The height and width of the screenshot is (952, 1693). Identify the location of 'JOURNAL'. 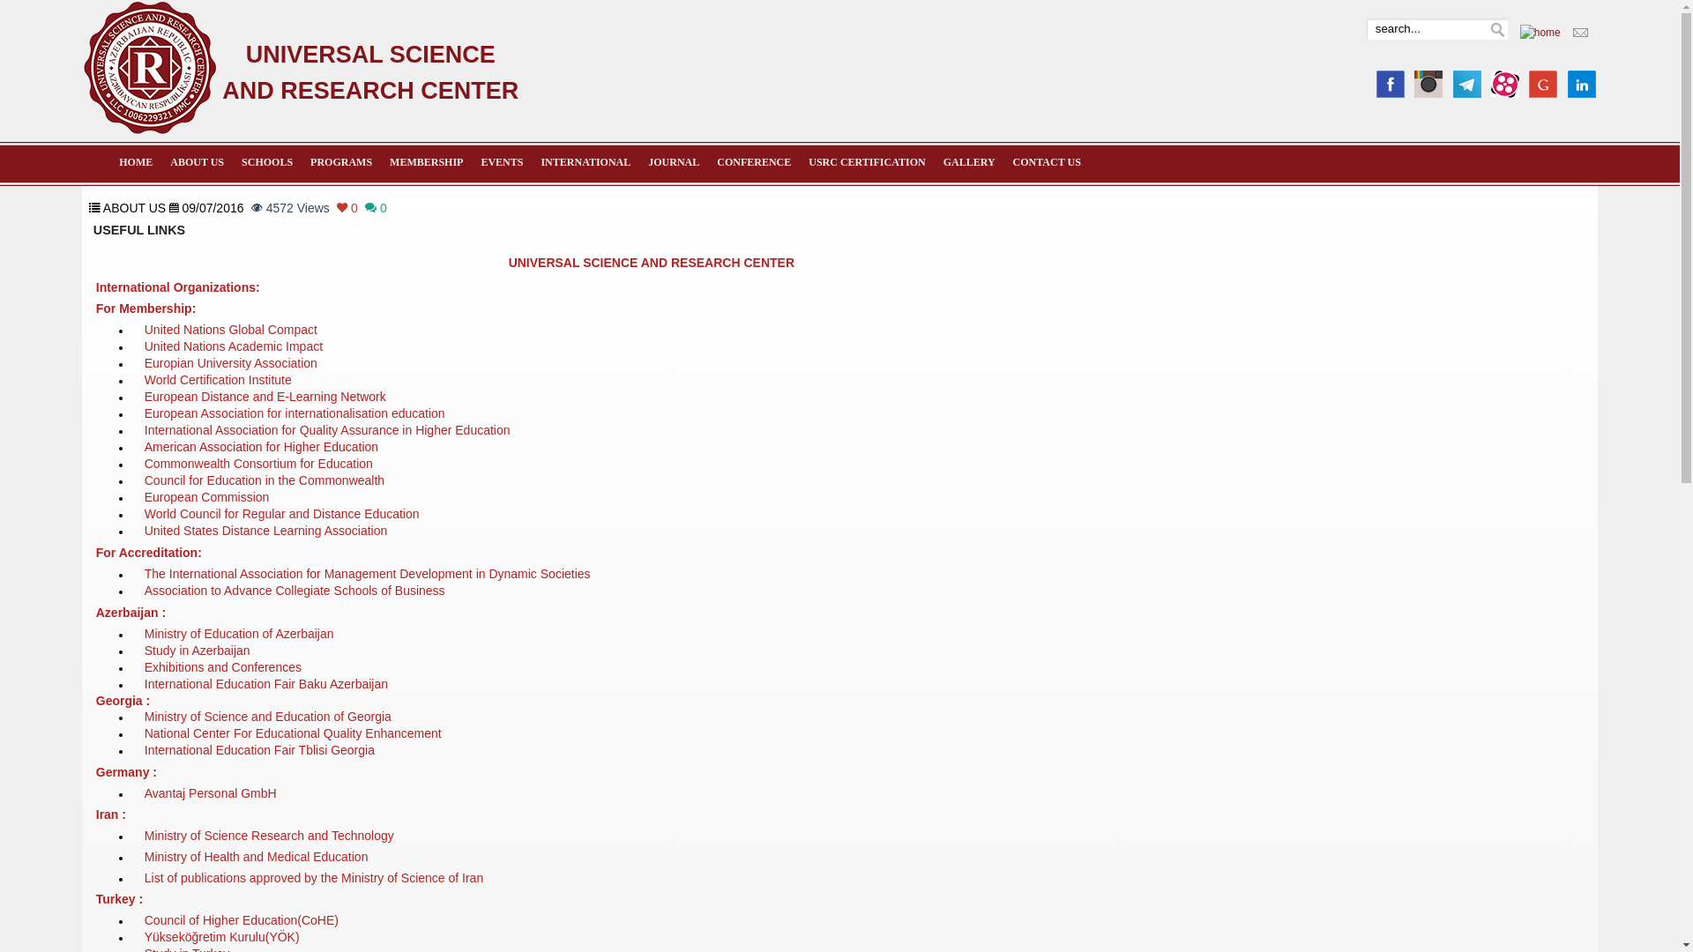
(672, 162).